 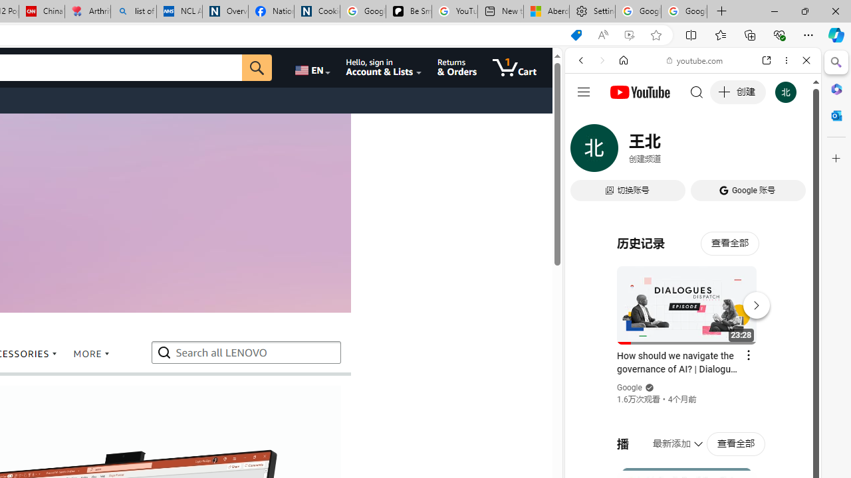 What do you see at coordinates (695, 60) in the screenshot?
I see `'youtube.com'` at bounding box center [695, 60].